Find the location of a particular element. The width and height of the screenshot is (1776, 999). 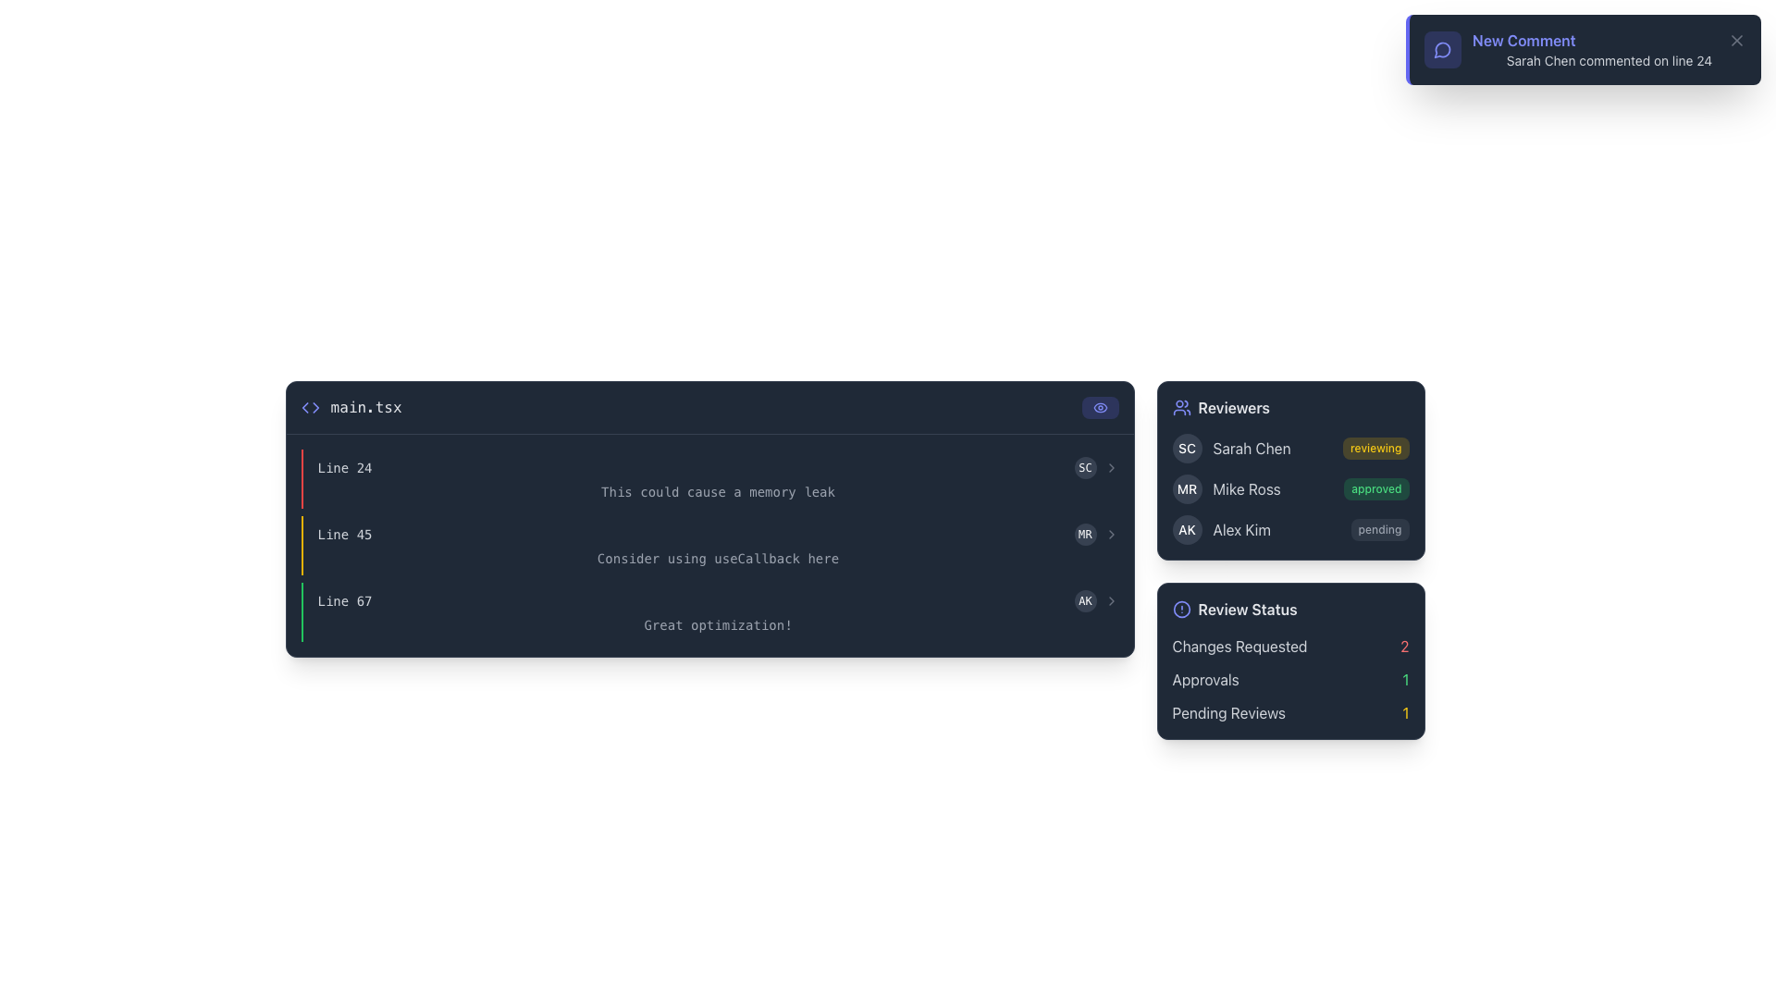

the text display element that identifies the reviewer named 'Alex Kim', located to the right of 'AK' in the 'Reviewers' section, which is the third entry in the list of reviewers is located at coordinates (1241, 530).